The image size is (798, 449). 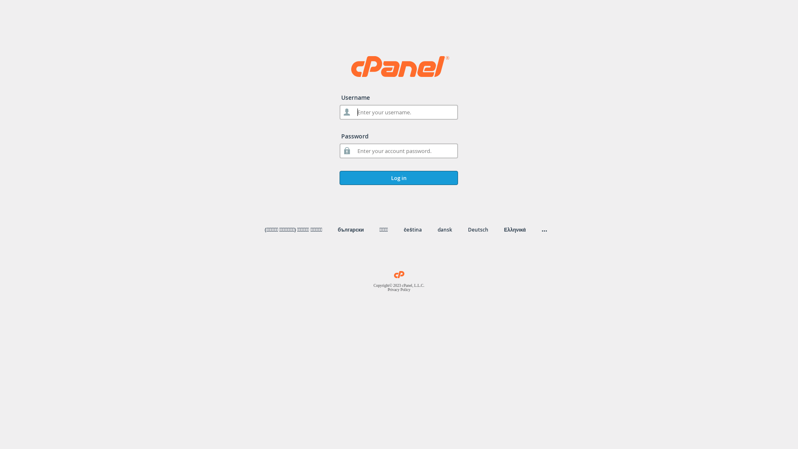 I want to click on 'Privacy Policy', so click(x=399, y=289).